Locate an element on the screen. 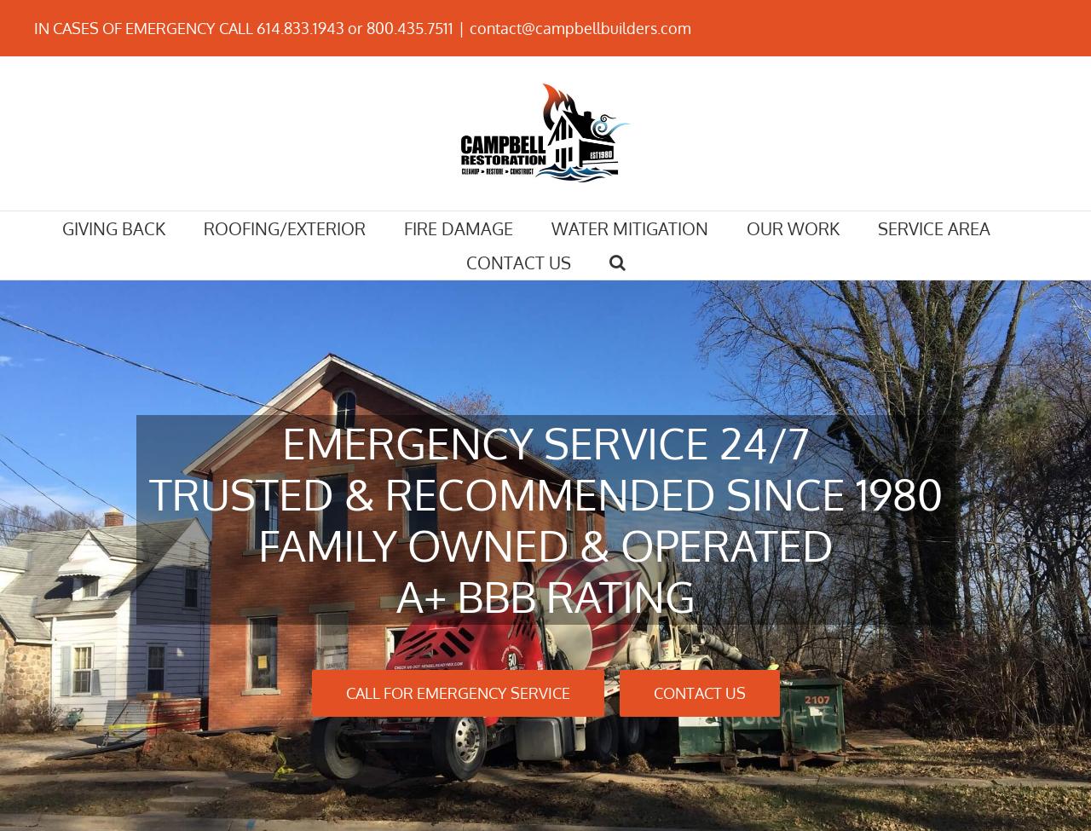 Image resolution: width=1091 pixels, height=831 pixels. 'EMERGENCY SERVICE 24/7' is located at coordinates (544, 441).